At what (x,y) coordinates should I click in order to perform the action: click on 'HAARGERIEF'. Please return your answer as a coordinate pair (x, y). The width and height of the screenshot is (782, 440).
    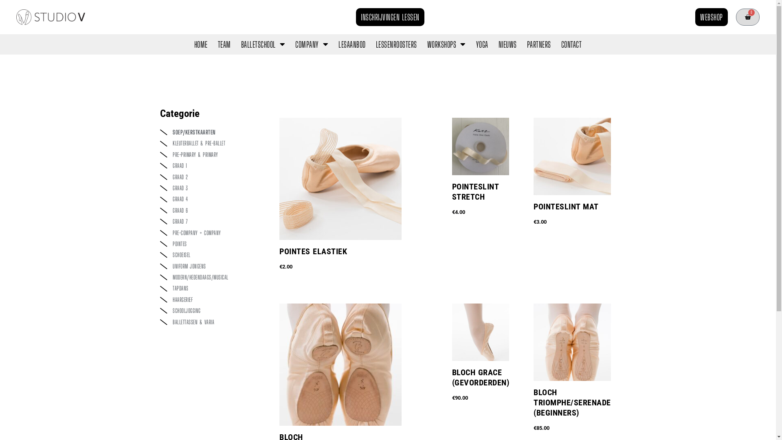
    Looking at the image, I should click on (211, 300).